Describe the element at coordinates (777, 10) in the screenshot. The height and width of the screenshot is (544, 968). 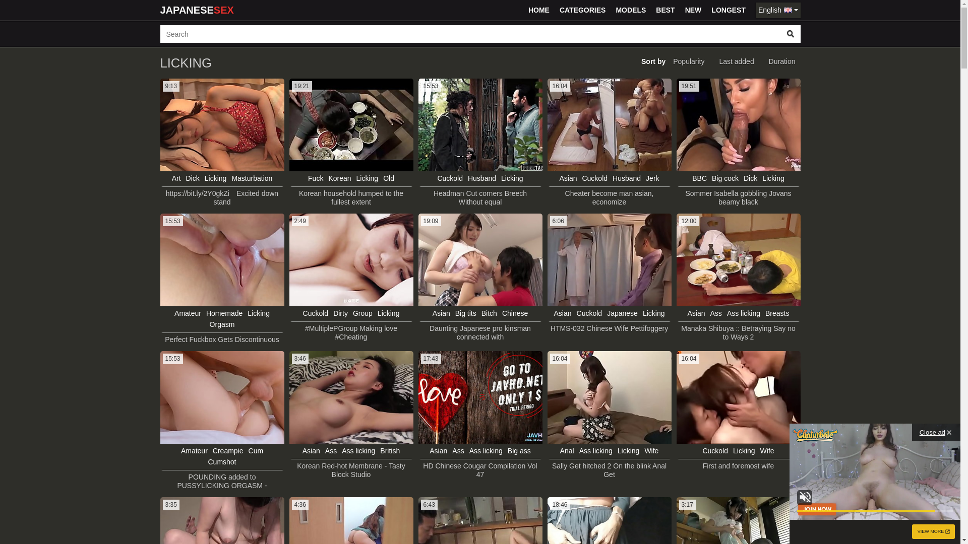
I see `'English'` at that location.